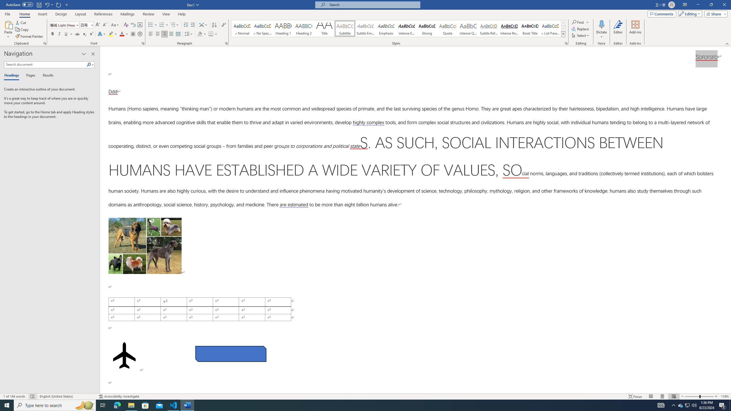 The height and width of the screenshot is (411, 731). I want to click on 'Character Shading', so click(132, 34).